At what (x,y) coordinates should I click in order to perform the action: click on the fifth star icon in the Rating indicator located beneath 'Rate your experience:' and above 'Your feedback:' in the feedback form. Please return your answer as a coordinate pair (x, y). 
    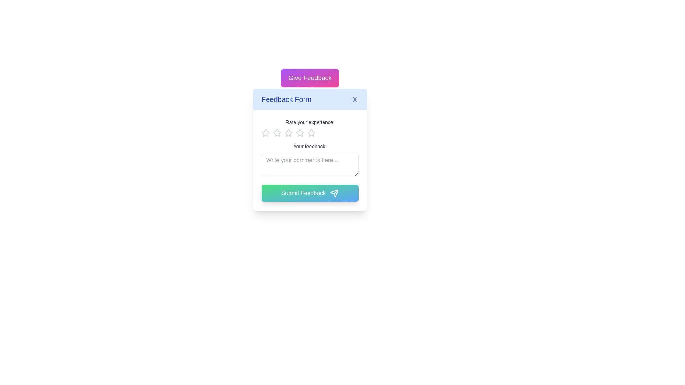
    Looking at the image, I should click on (310, 133).